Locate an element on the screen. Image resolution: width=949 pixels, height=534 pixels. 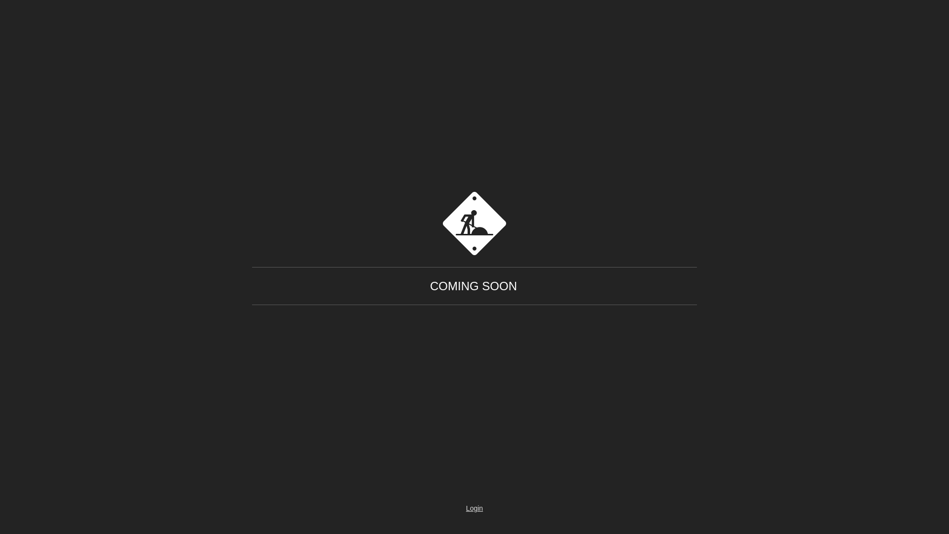
'Login' is located at coordinates (445, 508).